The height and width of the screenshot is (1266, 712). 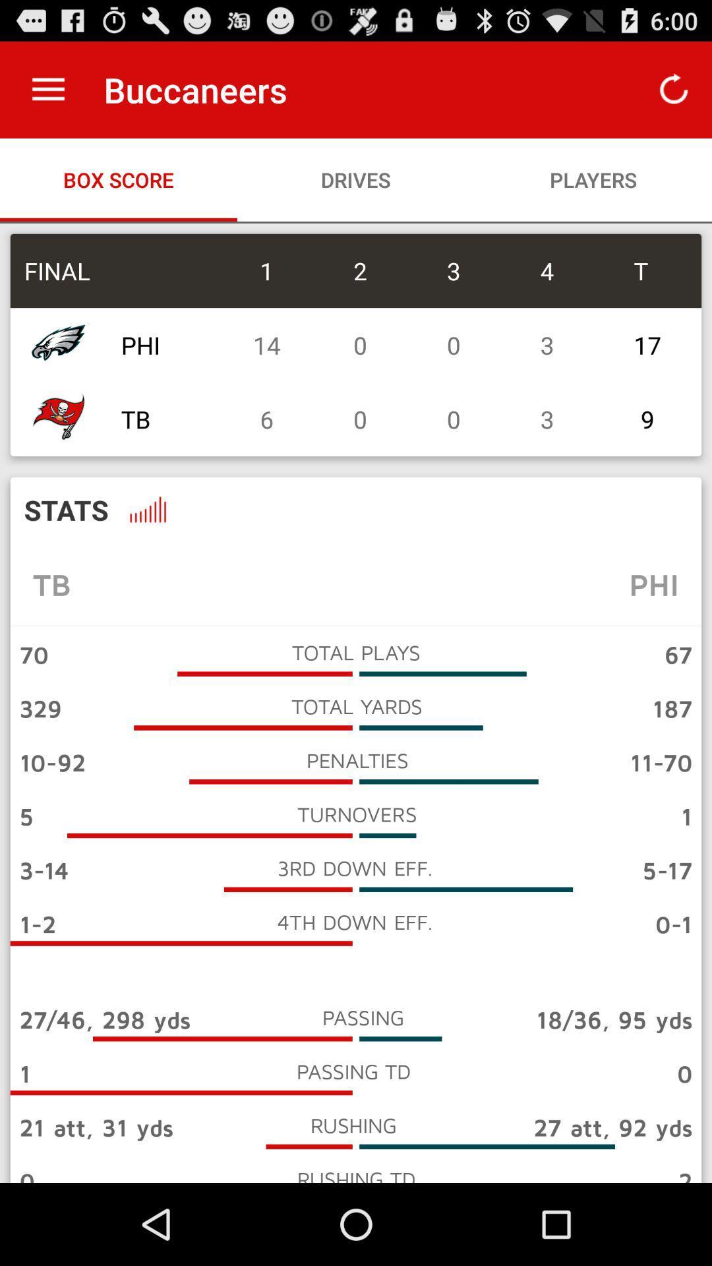 I want to click on the red colored line below rushing, so click(x=309, y=1146).